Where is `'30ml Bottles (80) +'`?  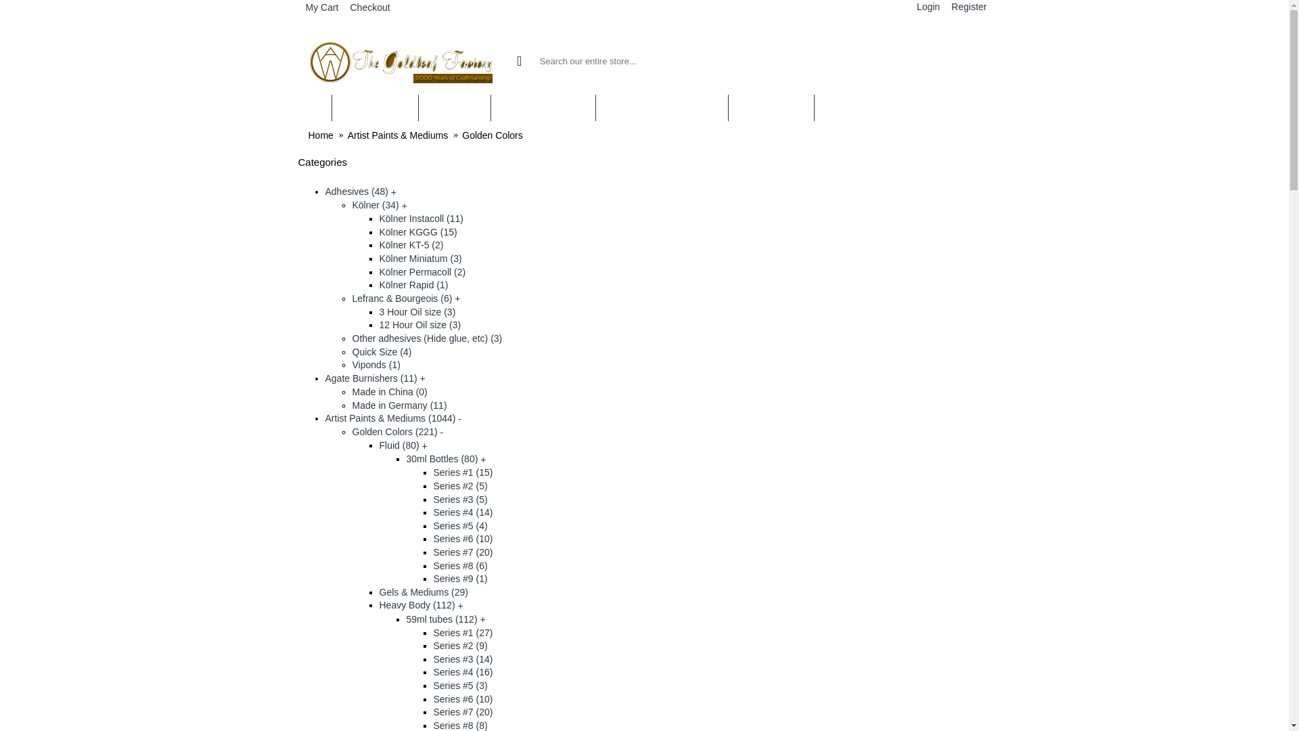
'30ml Bottles (80) +' is located at coordinates (445, 458).